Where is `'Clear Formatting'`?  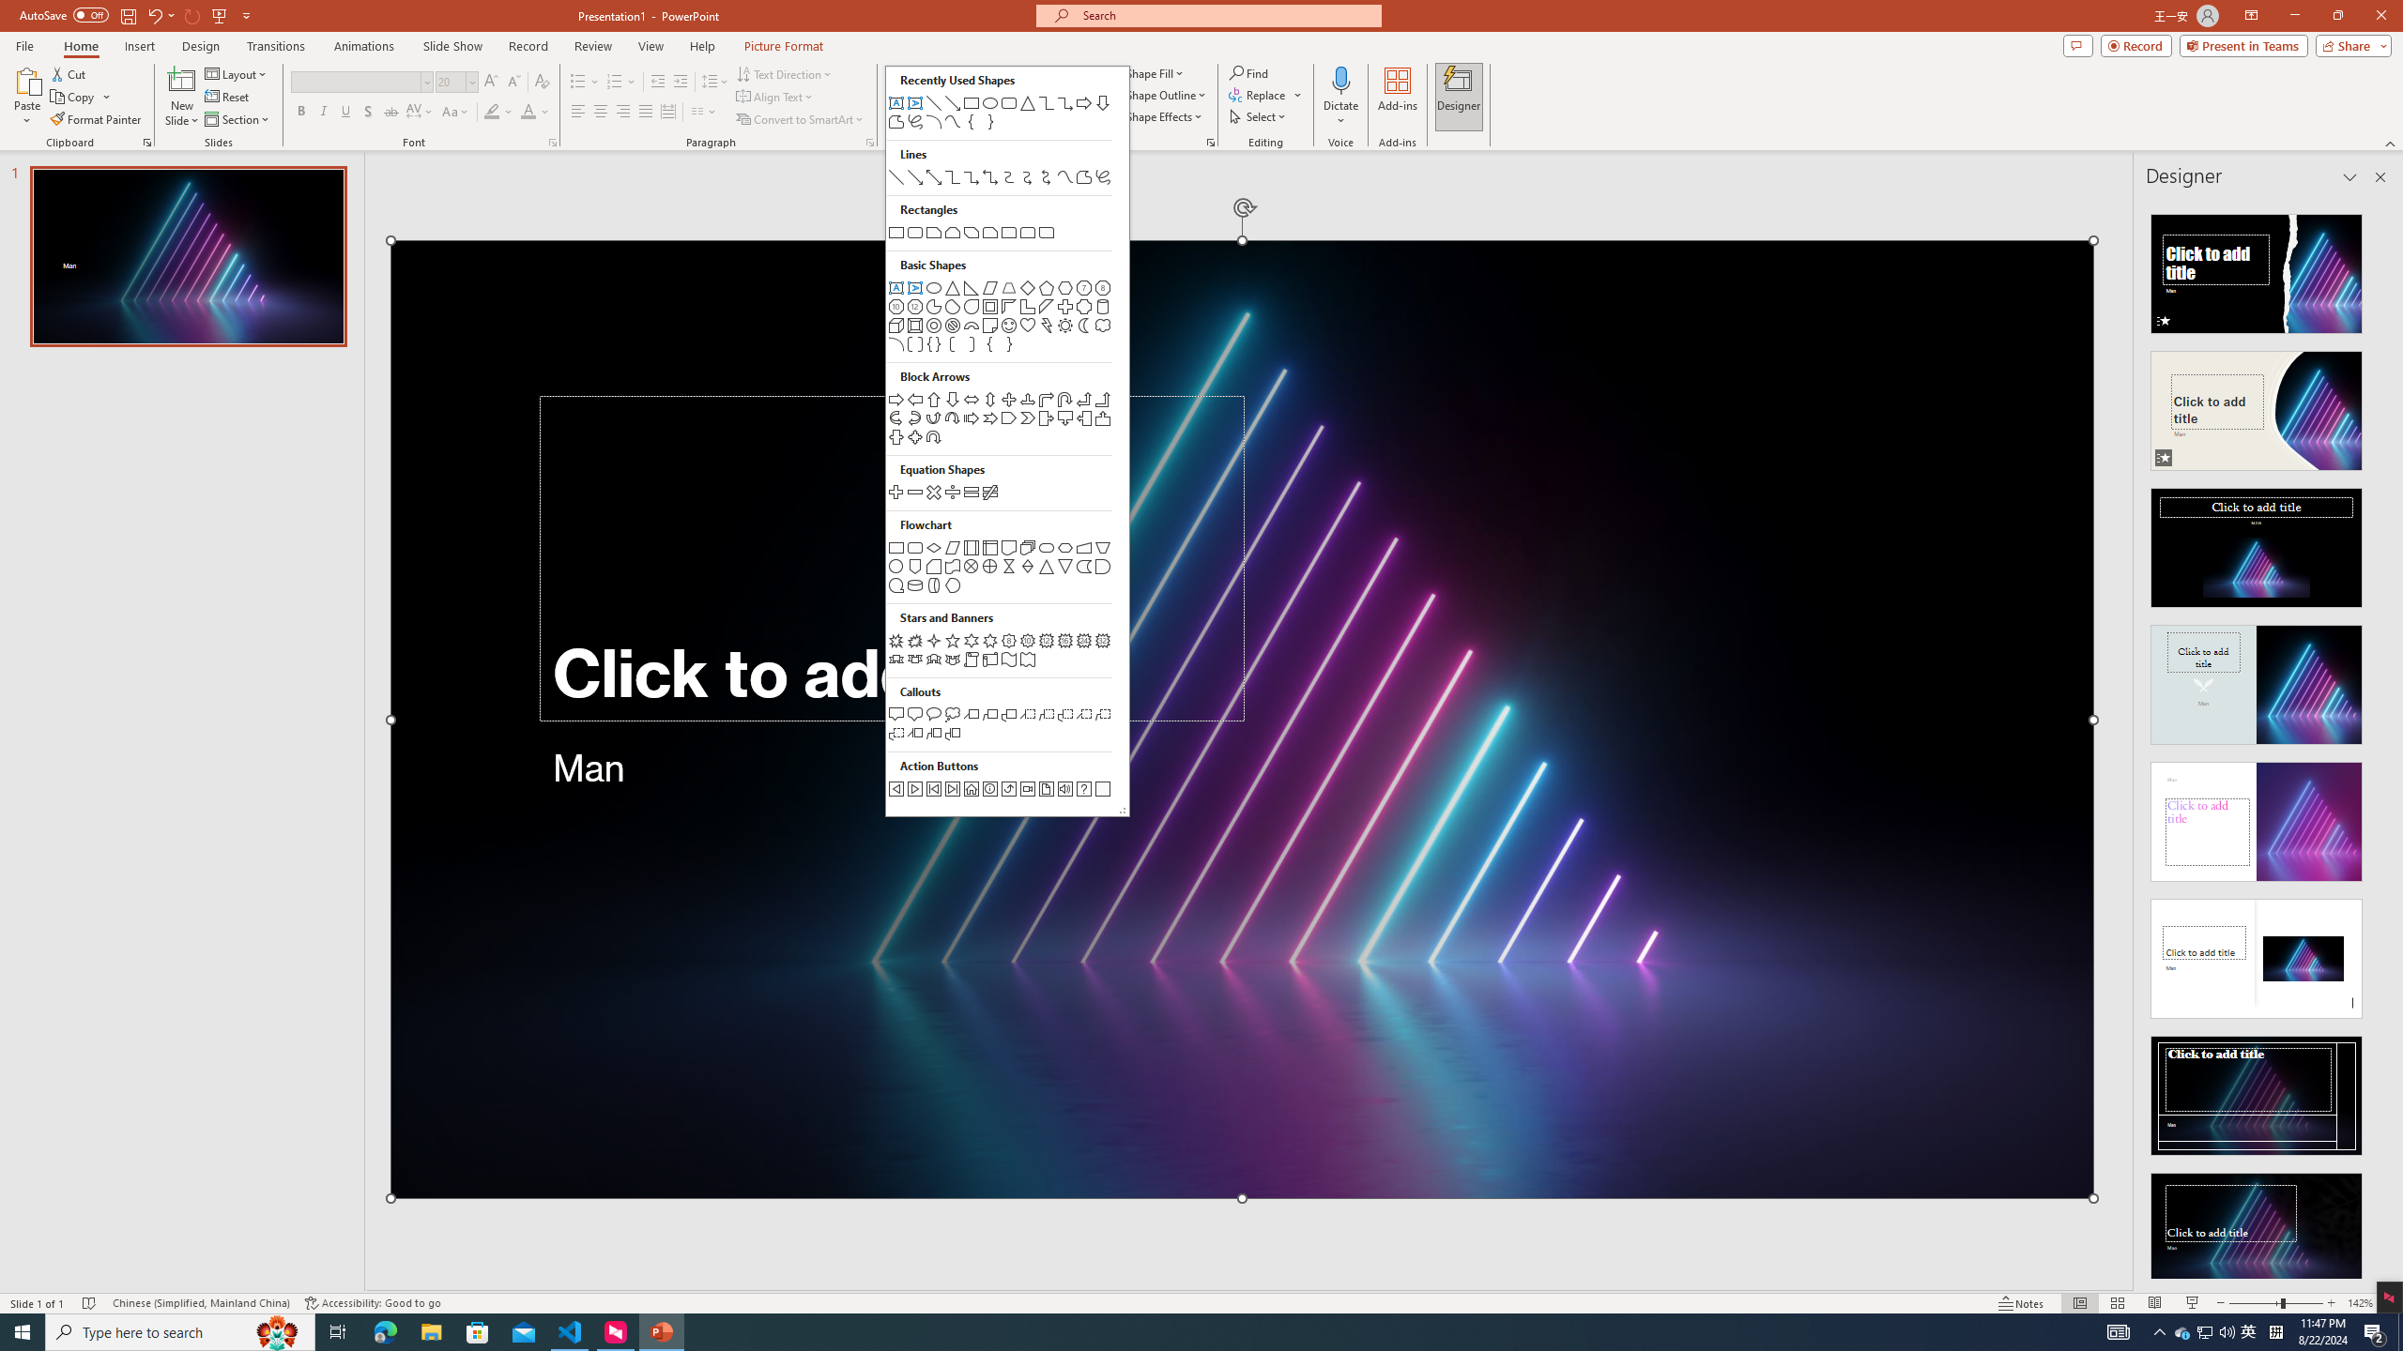 'Clear Formatting' is located at coordinates (541, 82).